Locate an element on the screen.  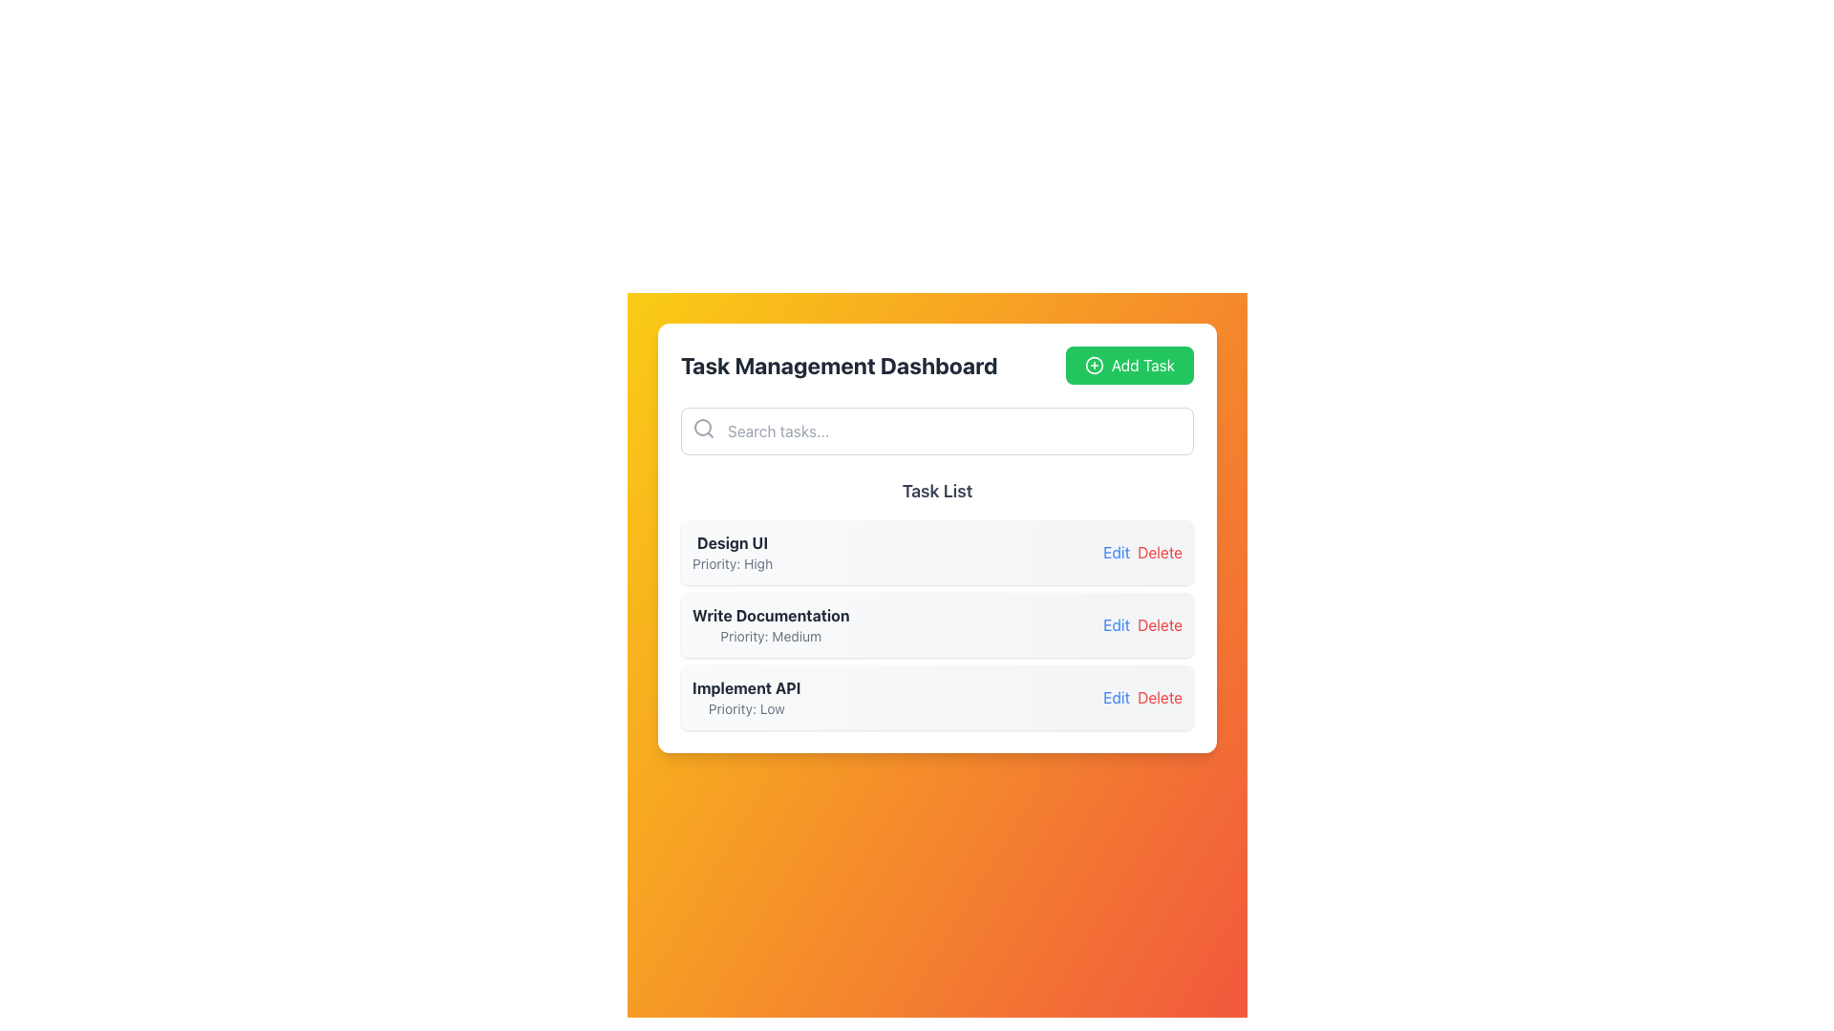
the priority level text label indicating the urgency of the 'Design UI' task in the 'Task List' section of the 'Task Management Dashboard' is located at coordinates (732, 562).